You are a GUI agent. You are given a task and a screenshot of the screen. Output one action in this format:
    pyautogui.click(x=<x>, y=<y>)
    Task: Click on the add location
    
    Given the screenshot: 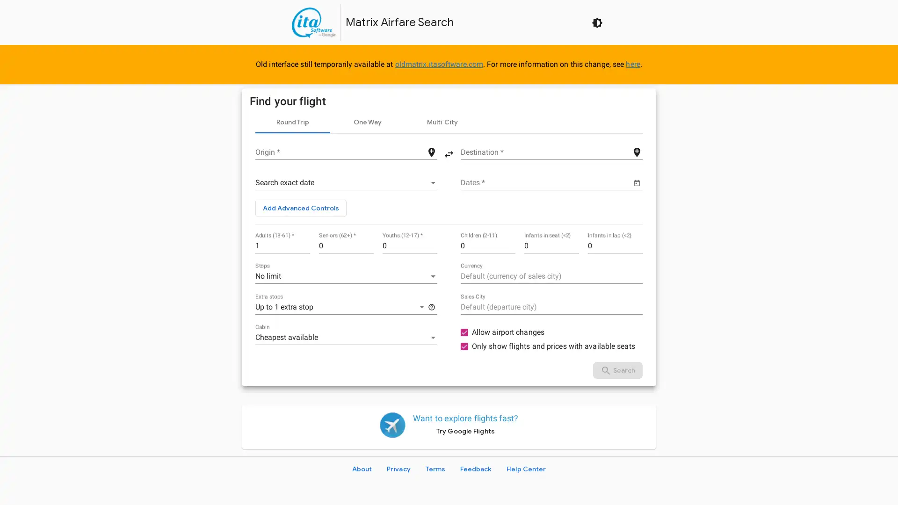 What is the action you would take?
    pyautogui.click(x=431, y=151)
    